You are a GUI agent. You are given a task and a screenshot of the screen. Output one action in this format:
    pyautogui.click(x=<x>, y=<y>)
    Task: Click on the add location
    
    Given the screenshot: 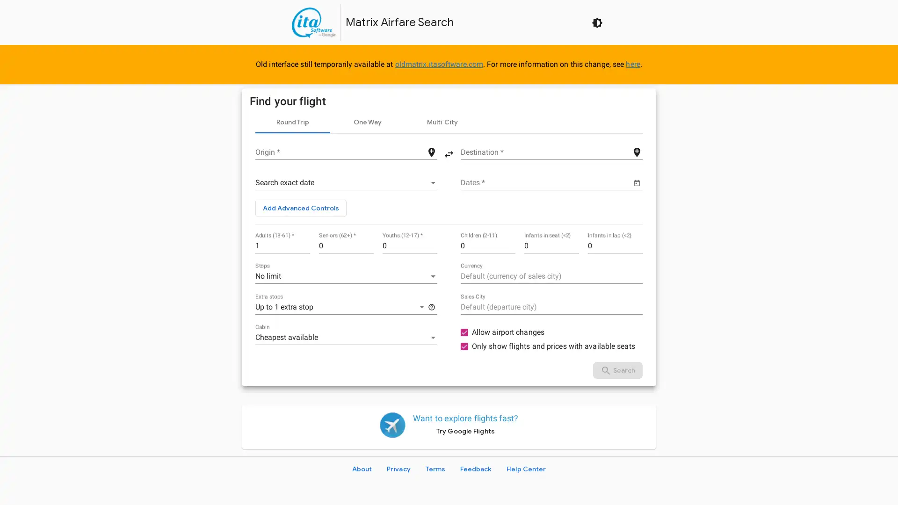 What is the action you would take?
    pyautogui.click(x=431, y=151)
    